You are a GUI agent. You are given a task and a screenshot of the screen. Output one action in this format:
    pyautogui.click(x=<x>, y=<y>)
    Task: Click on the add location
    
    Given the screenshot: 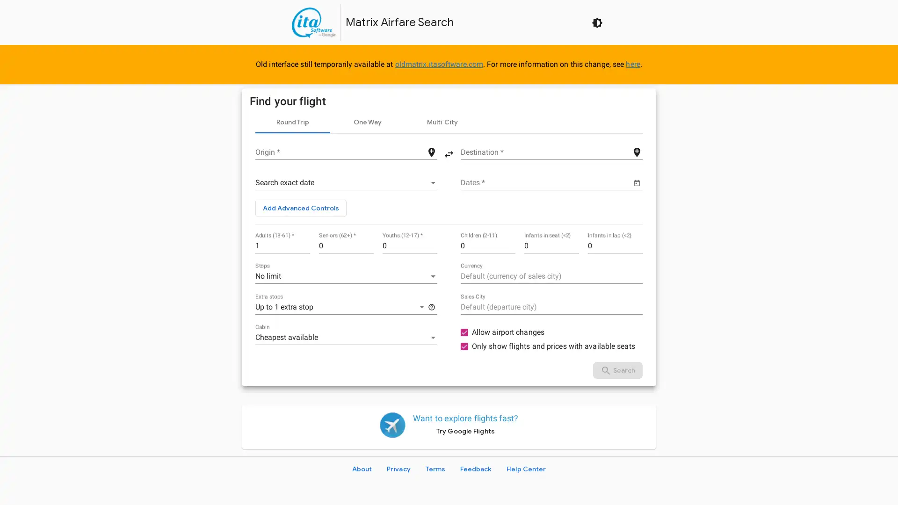 What is the action you would take?
    pyautogui.click(x=431, y=151)
    